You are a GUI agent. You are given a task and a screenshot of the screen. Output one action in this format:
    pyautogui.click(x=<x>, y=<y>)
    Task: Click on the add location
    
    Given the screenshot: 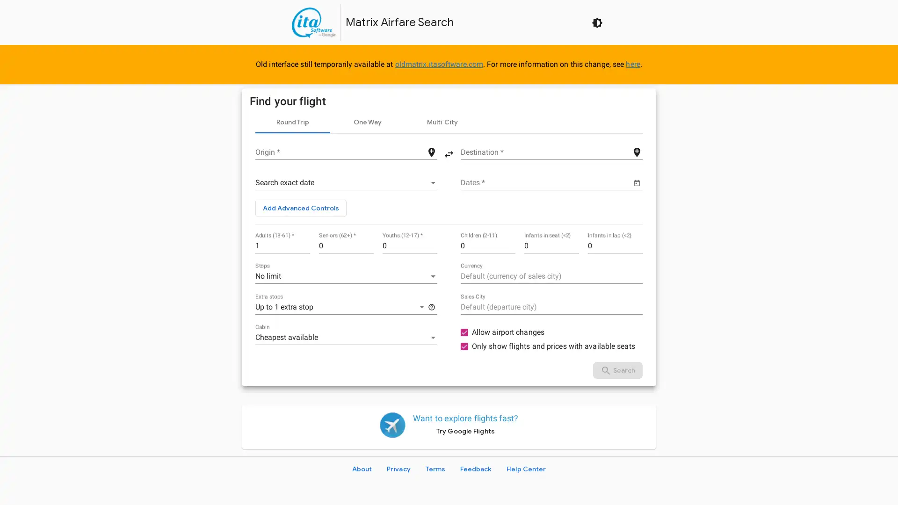 What is the action you would take?
    pyautogui.click(x=431, y=151)
    